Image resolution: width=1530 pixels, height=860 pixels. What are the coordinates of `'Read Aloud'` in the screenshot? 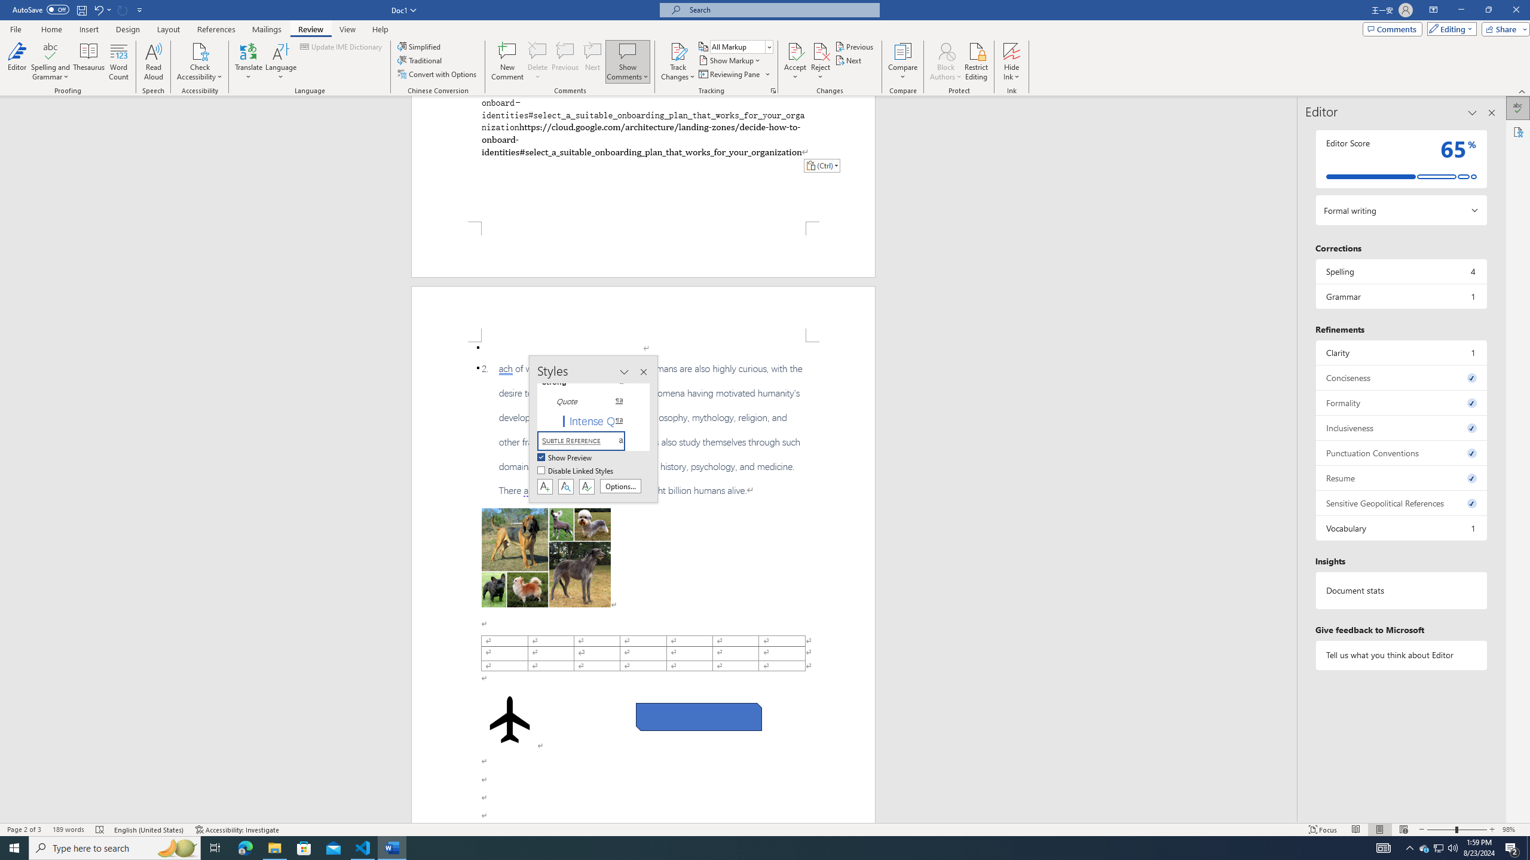 It's located at (153, 62).